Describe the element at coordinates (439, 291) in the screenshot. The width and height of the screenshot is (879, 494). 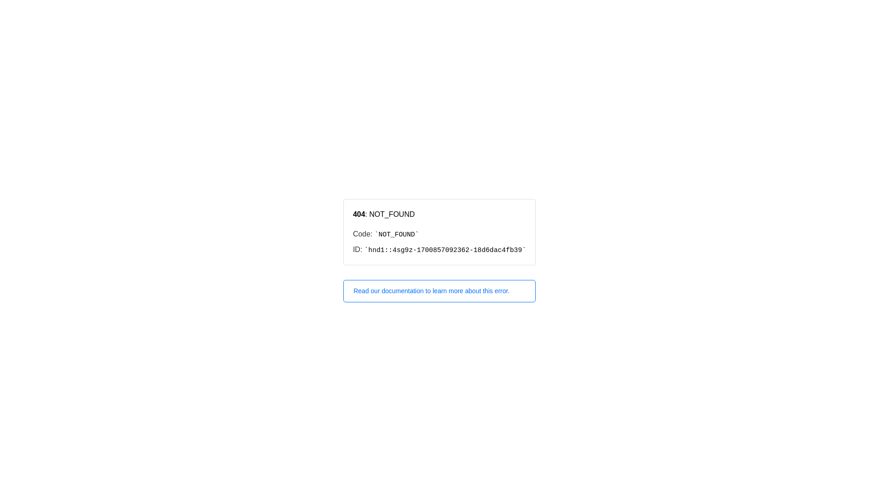
I see `'Read our documentation to learn more about this error.'` at that location.